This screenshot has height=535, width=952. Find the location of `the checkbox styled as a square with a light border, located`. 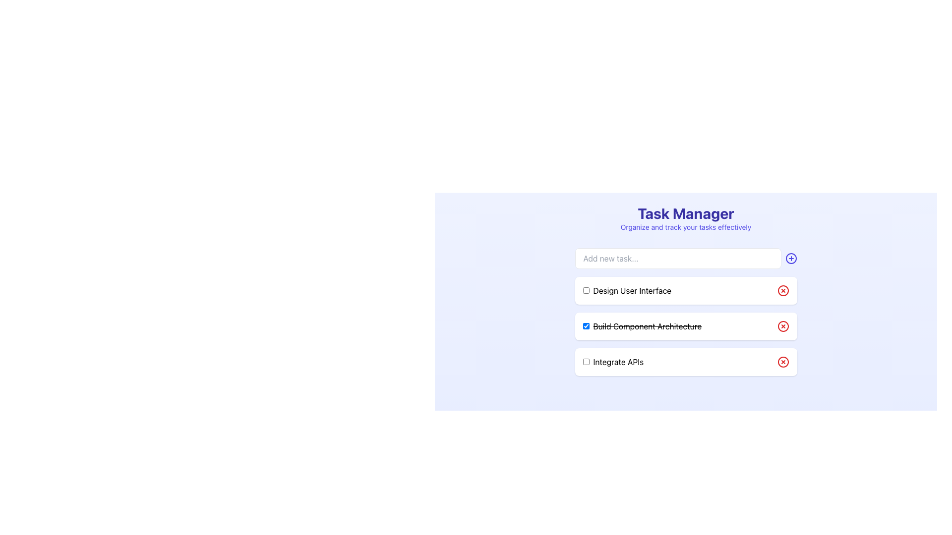

the checkbox styled as a square with a light border, located is located at coordinates (586, 290).